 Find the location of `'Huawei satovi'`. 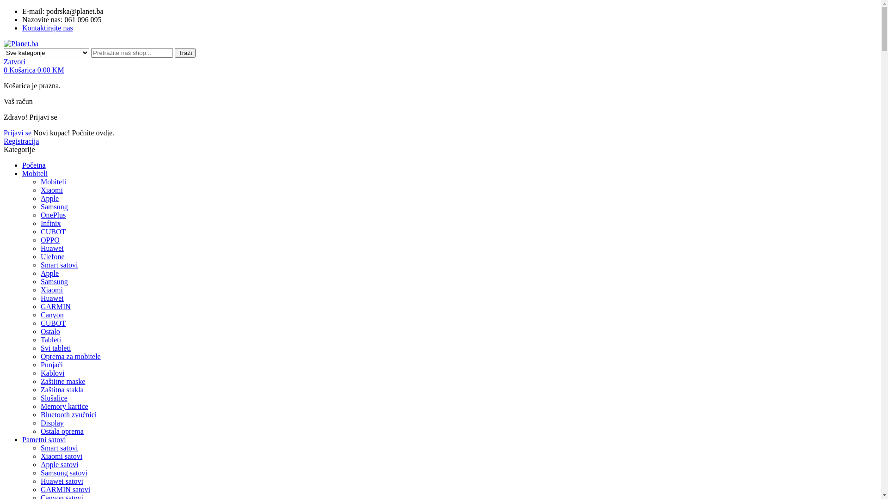

'Huawei satovi' is located at coordinates (62, 481).